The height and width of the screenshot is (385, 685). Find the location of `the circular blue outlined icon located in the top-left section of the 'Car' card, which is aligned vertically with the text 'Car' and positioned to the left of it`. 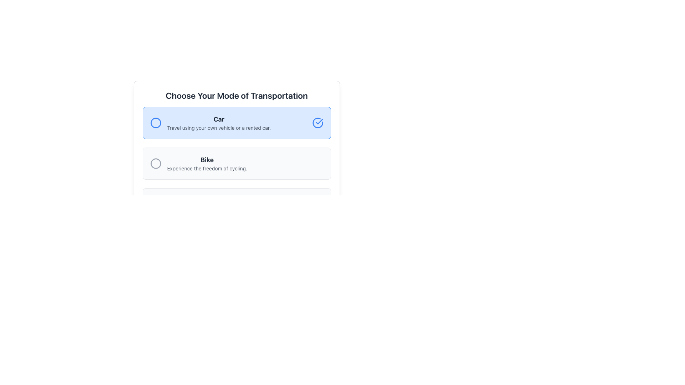

the circular blue outlined icon located in the top-left section of the 'Car' card, which is aligned vertically with the text 'Car' and positioned to the left of it is located at coordinates (155, 122).